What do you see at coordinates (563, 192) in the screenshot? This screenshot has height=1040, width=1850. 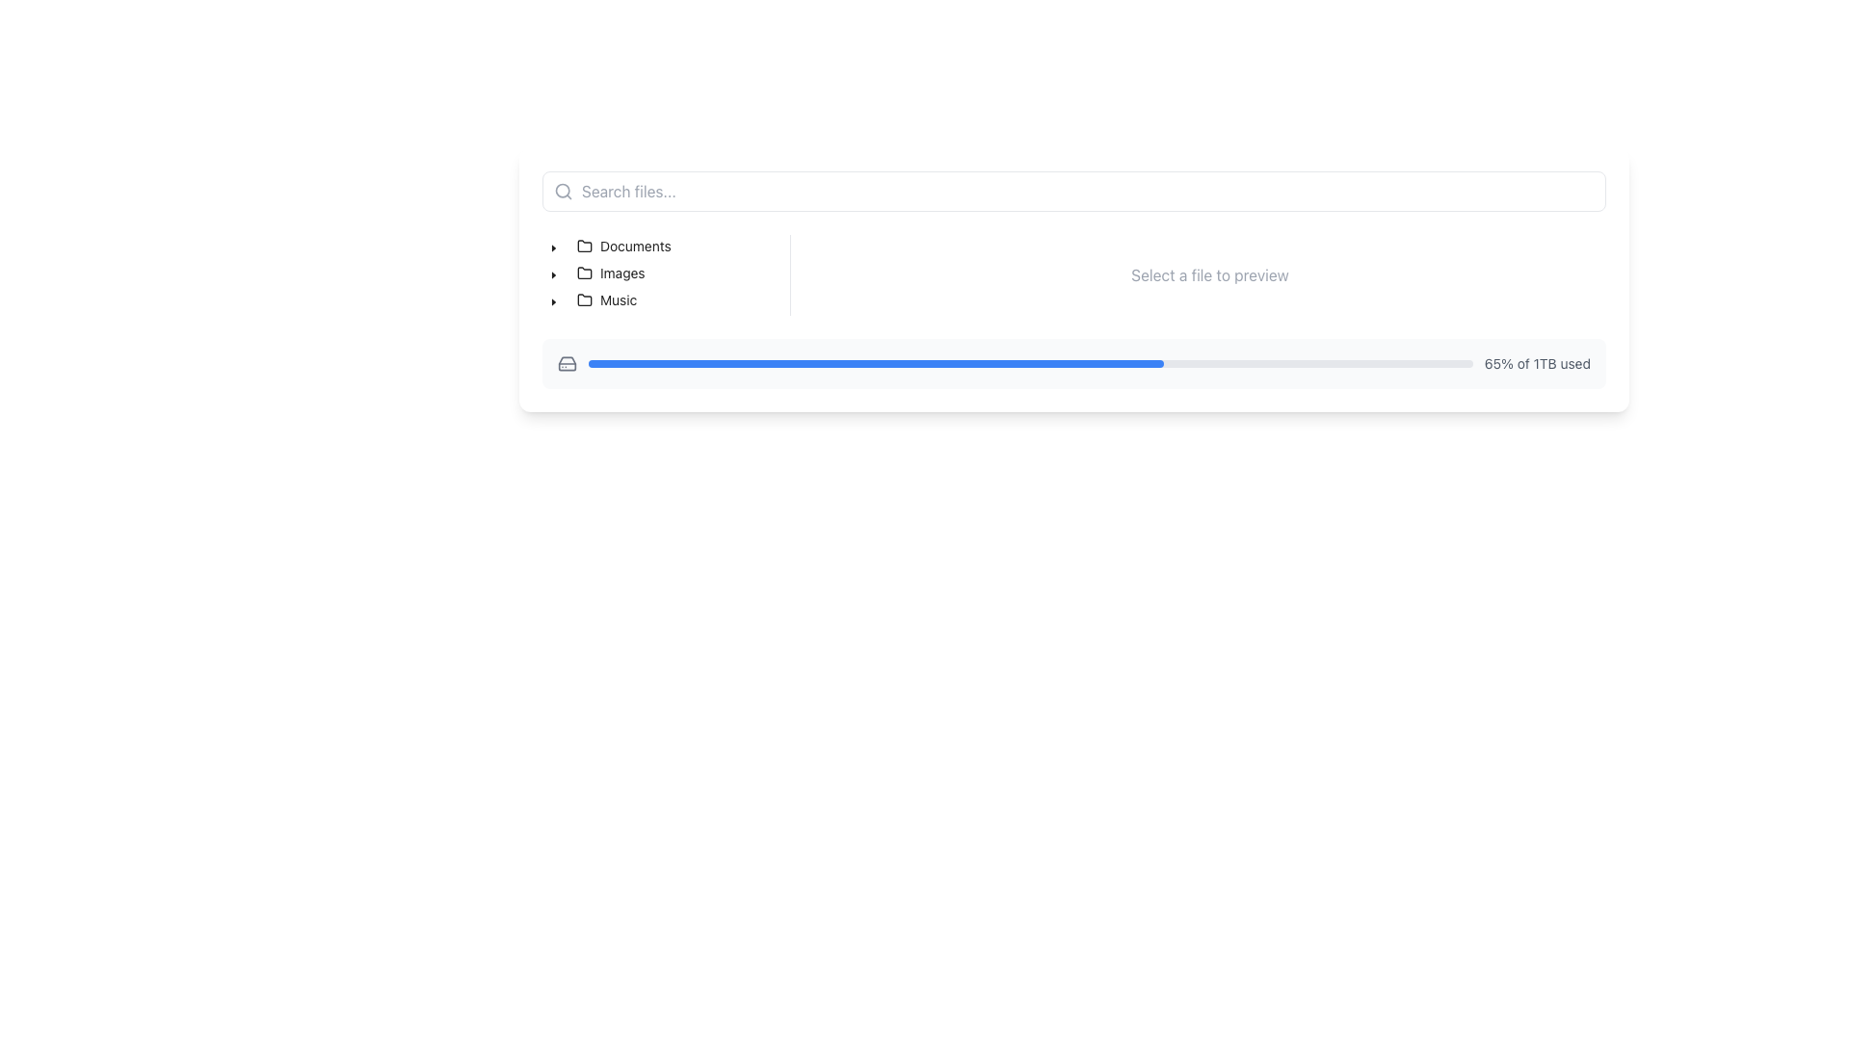 I see `the magnifying glass icon, which is a gray minimalist image located on the left side of the search bar adjacent to the 'Search files...' placeholder text` at bounding box center [563, 192].